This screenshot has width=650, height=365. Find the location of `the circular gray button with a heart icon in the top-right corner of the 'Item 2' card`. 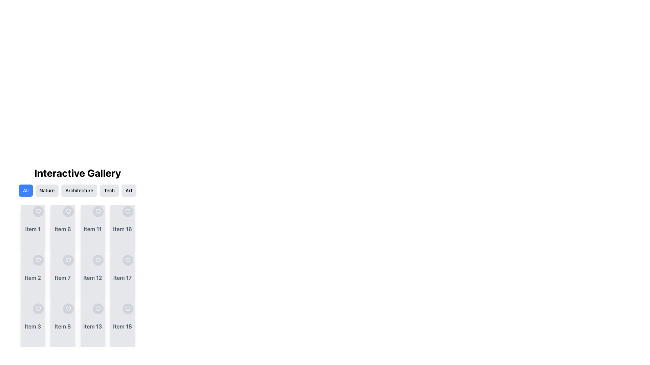

the circular gray button with a heart icon in the top-right corner of the 'Item 2' card is located at coordinates (38, 260).